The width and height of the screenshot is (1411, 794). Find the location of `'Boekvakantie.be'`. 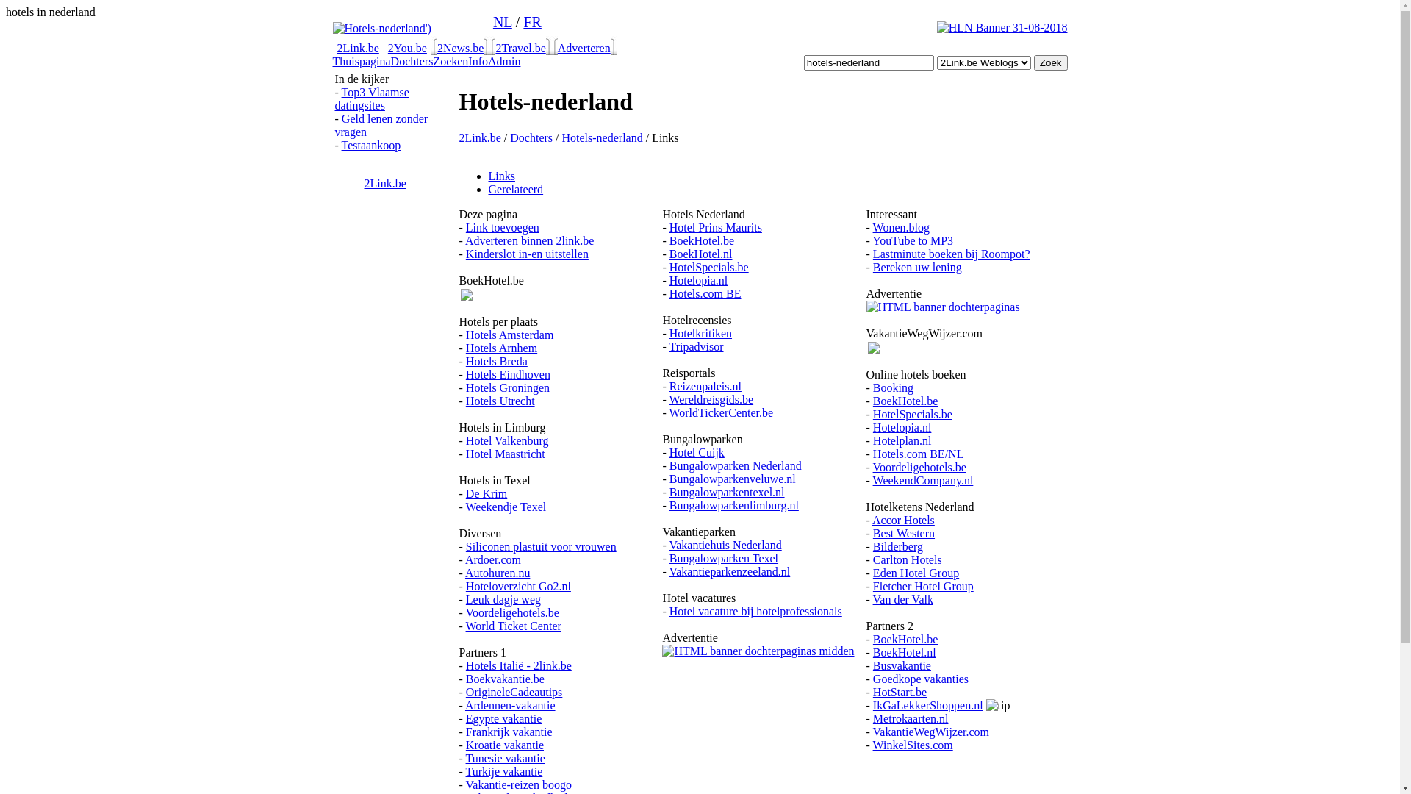

'Boekvakantie.be' is located at coordinates (464, 679).